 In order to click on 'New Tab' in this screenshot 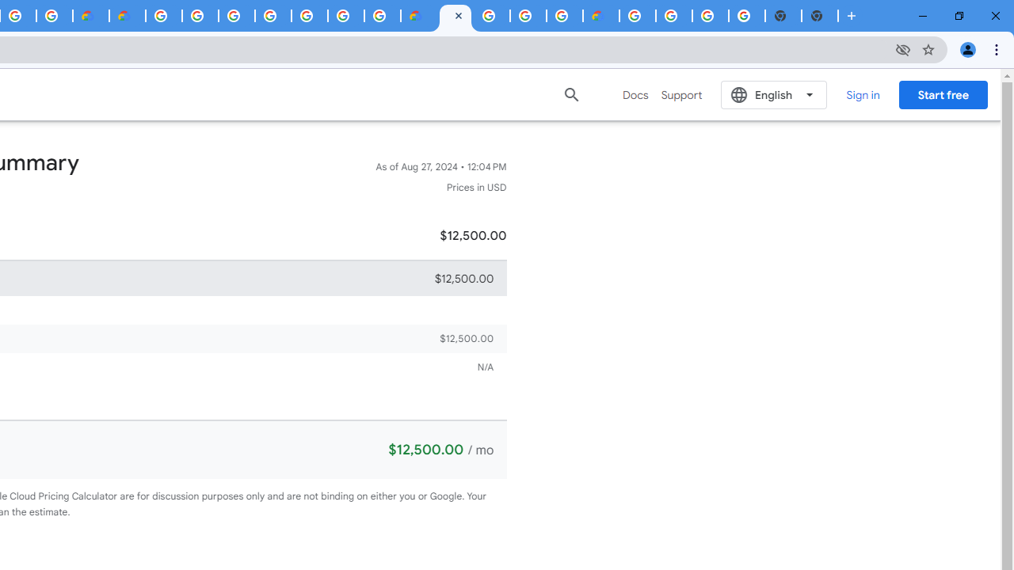, I will do `click(820, 16)`.